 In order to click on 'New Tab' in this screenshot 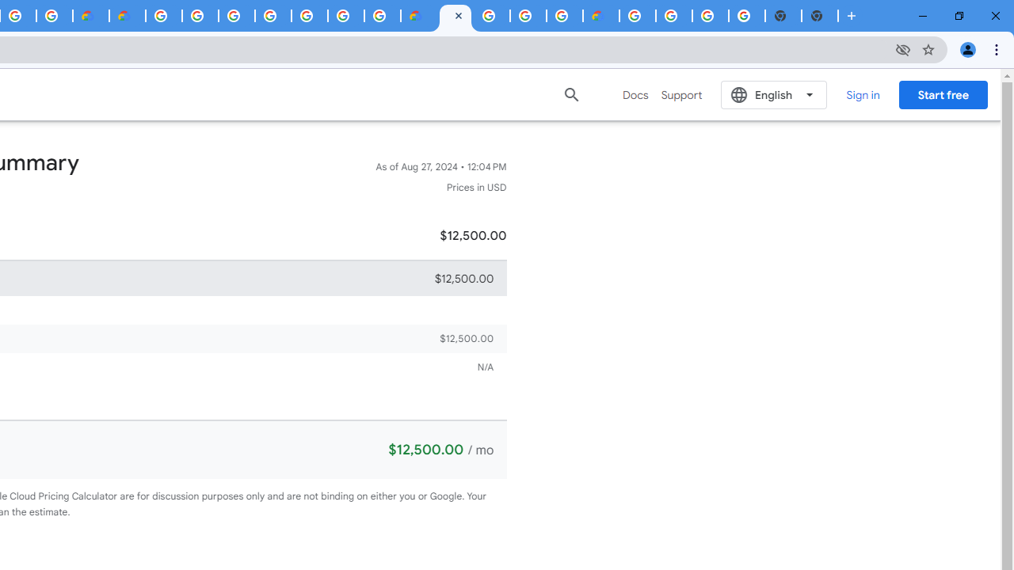, I will do `click(820, 16)`.